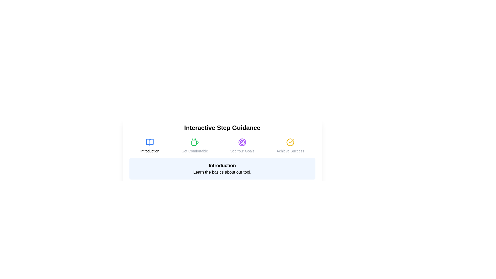  What do you see at coordinates (307, 189) in the screenshot?
I see `the 'Next' button located on the bottom-right side of the interface to navigate to the next step` at bounding box center [307, 189].